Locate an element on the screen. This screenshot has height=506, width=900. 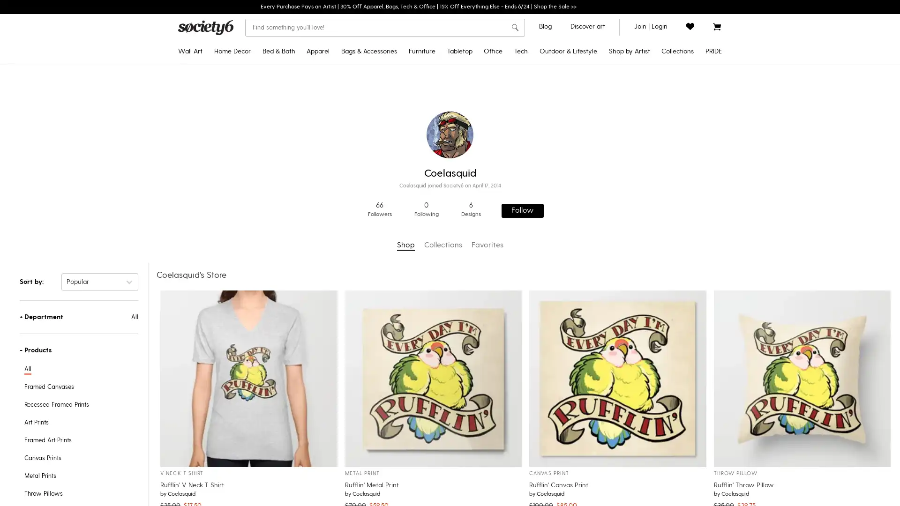
Pride MonthNEW is located at coordinates (643, 75).